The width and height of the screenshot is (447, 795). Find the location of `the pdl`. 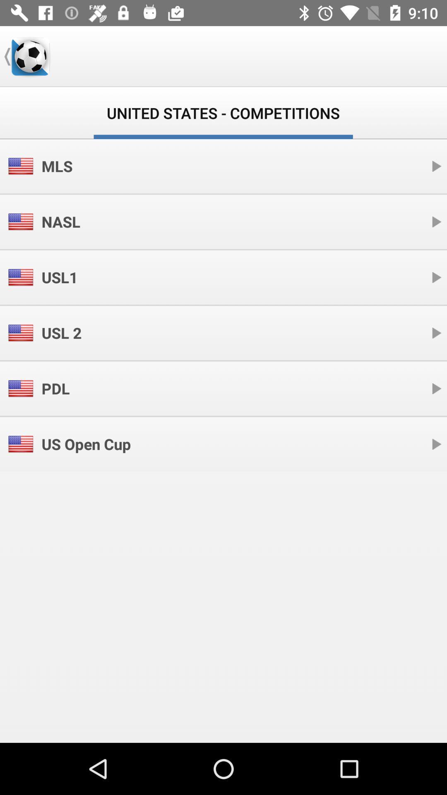

the pdl is located at coordinates (55, 388).